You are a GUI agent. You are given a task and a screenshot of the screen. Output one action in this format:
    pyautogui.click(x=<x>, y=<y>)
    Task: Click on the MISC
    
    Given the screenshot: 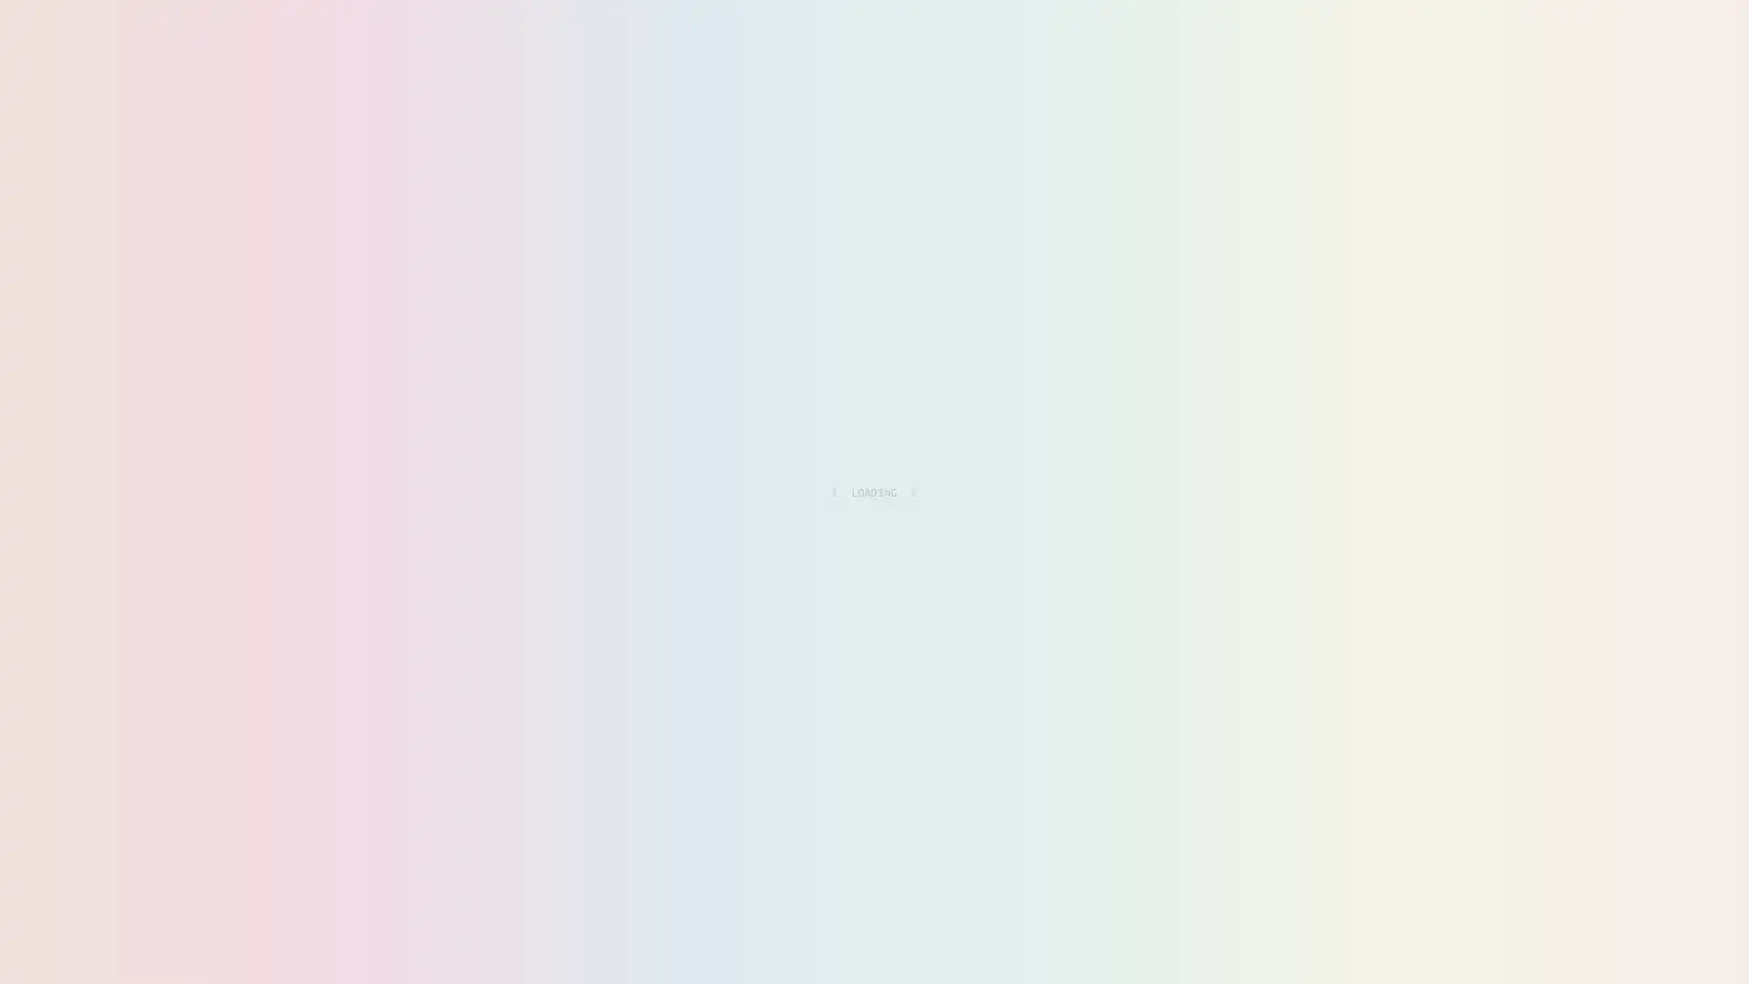 What is the action you would take?
    pyautogui.click(x=625, y=203)
    